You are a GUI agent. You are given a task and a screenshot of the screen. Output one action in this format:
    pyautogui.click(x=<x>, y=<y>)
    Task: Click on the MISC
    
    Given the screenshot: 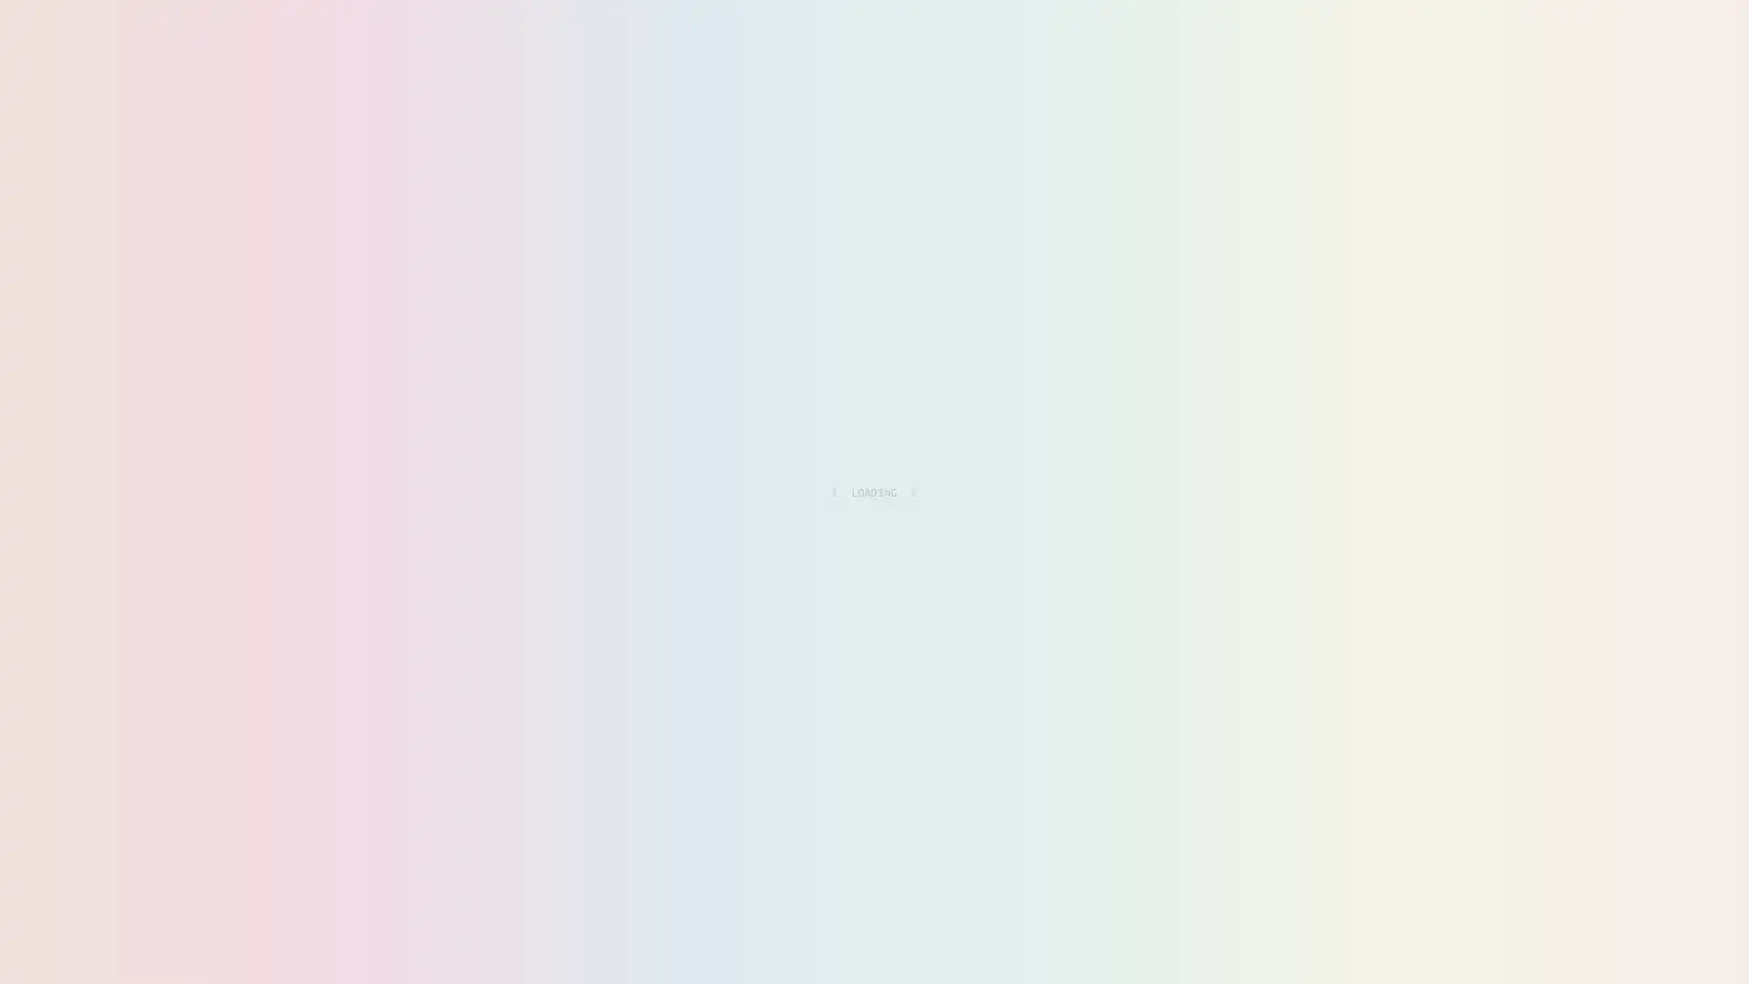 What is the action you would take?
    pyautogui.click(x=625, y=203)
    